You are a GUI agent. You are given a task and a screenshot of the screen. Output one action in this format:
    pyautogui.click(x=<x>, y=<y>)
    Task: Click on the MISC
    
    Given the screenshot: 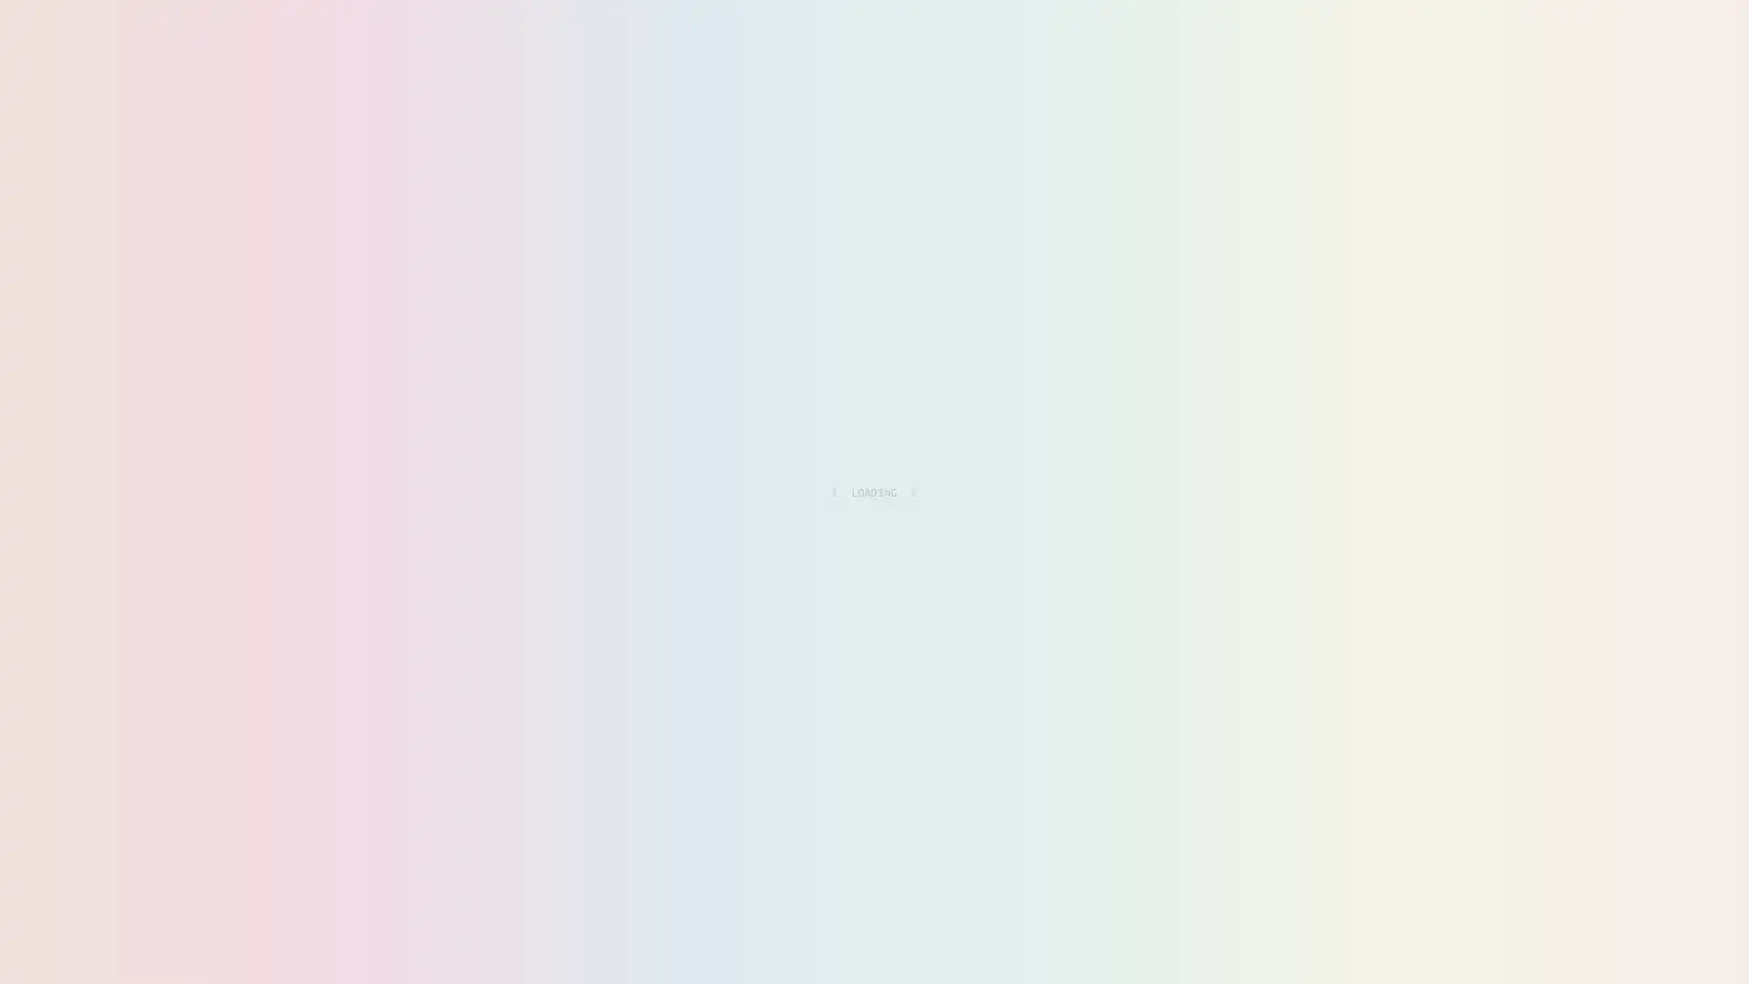 What is the action you would take?
    pyautogui.click(x=625, y=203)
    